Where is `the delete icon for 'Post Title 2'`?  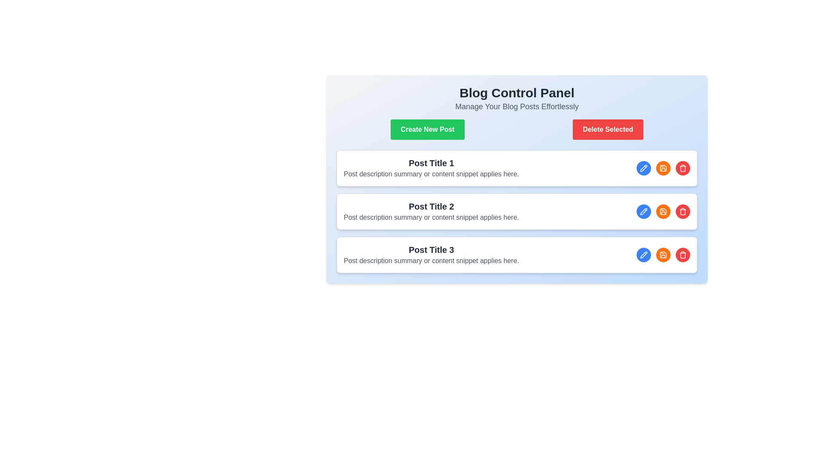 the delete icon for 'Post Title 2' is located at coordinates (683, 255).